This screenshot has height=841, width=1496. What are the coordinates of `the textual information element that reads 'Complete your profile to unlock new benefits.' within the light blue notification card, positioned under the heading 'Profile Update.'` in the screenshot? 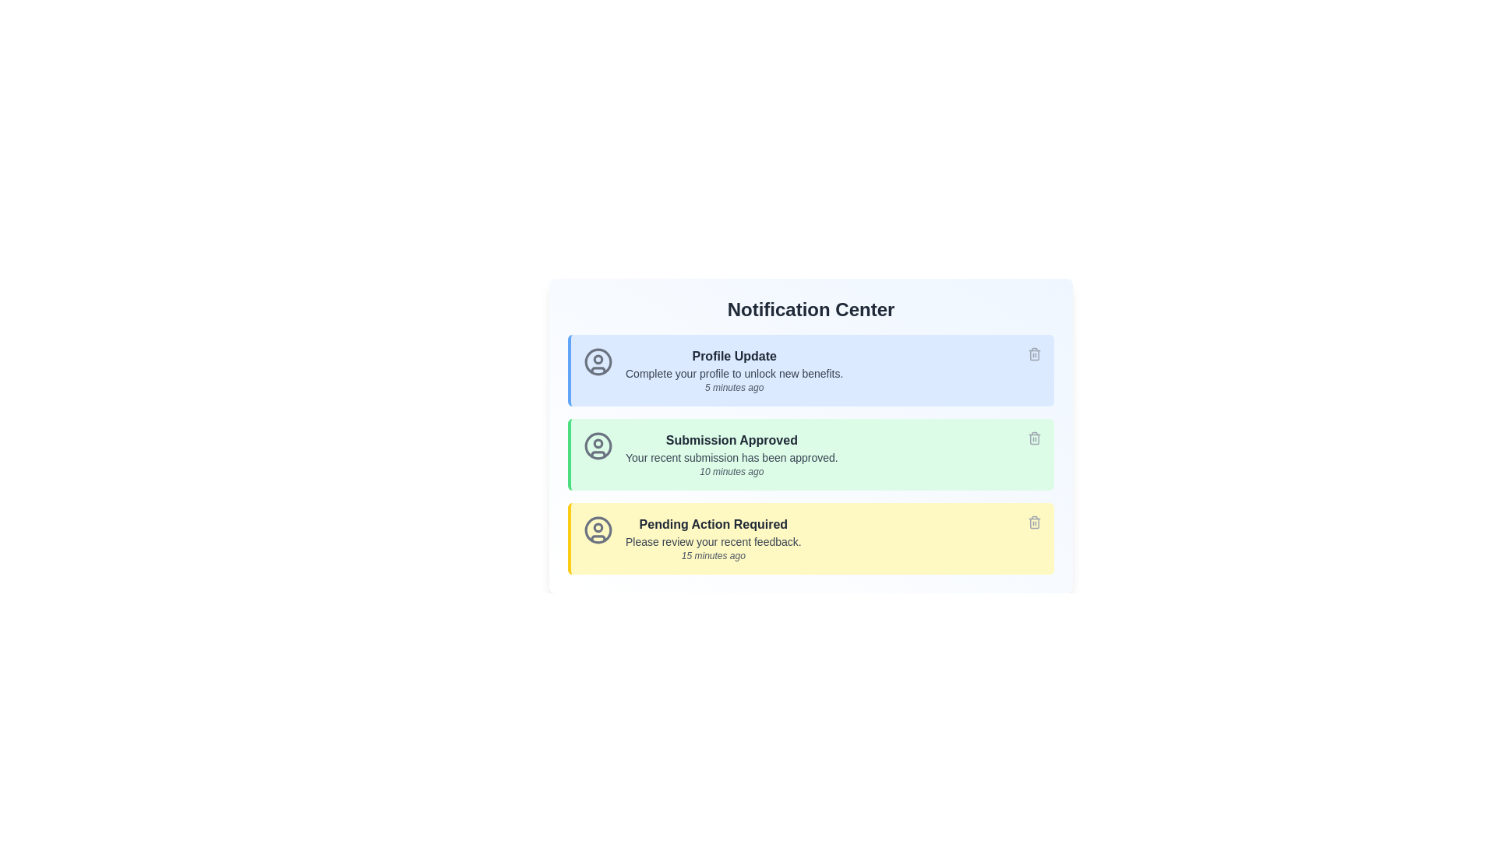 It's located at (733, 373).